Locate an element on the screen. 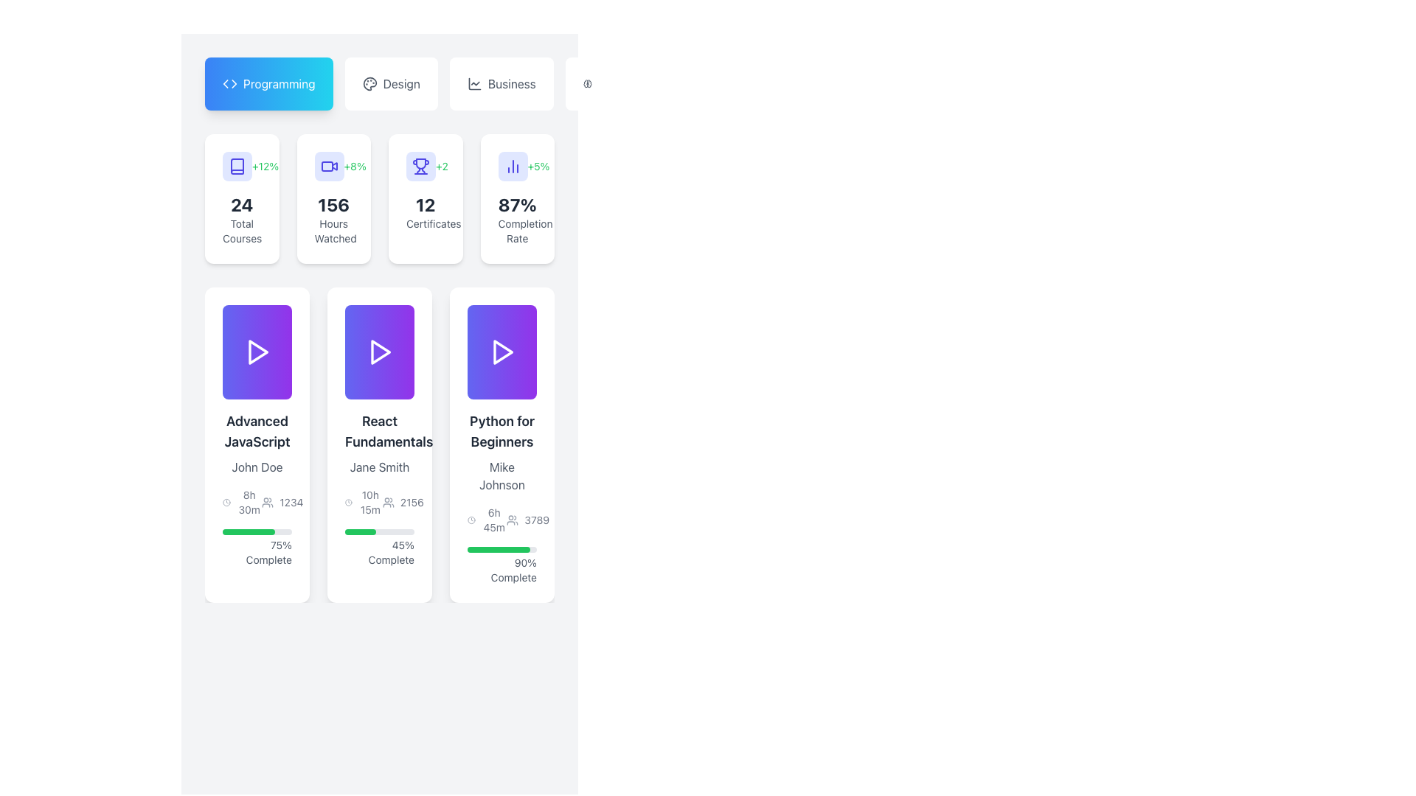 The height and width of the screenshot is (796, 1416). the text label displaying '+2' styled in a small green font, located in the top-right corner of a card containing a trophy icon is located at coordinates (441, 166).